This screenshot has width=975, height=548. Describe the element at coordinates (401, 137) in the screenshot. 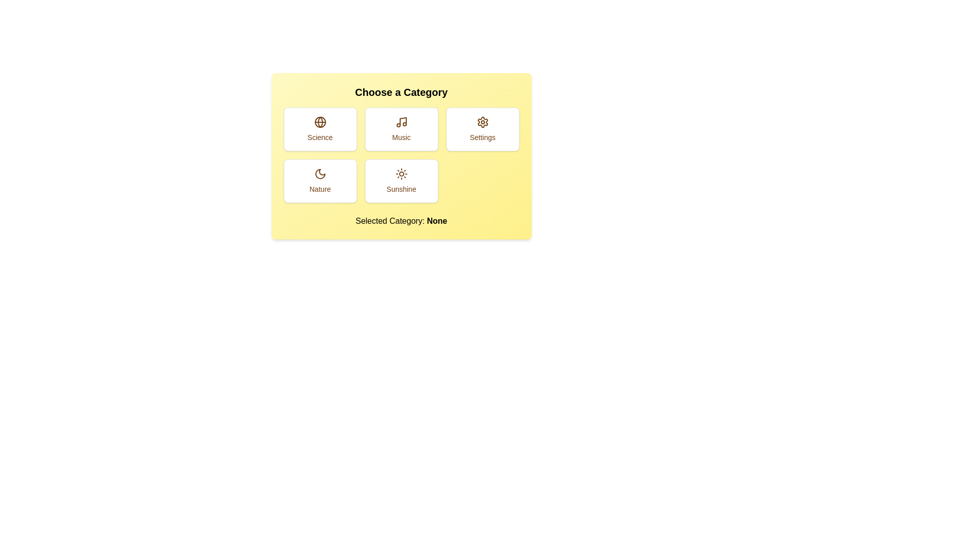

I see `the static text label displaying 'Music' in medium brown color, located beneath the musical note icon within its card in the second column of the first row` at that location.